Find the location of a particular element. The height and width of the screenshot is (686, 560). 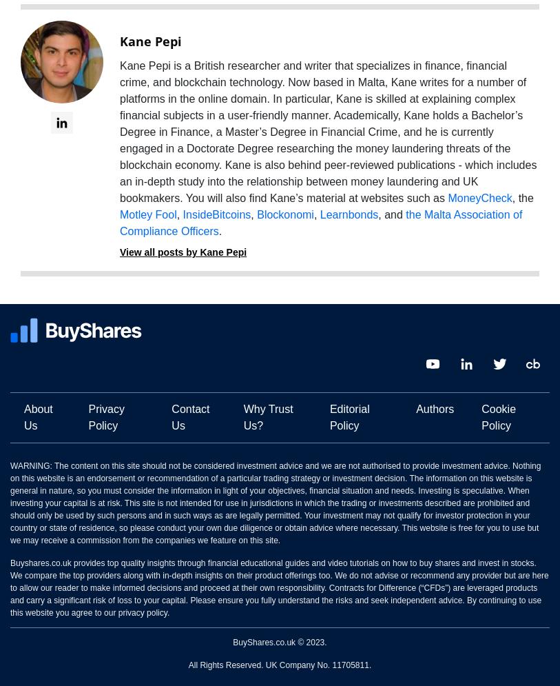

'Buyshares.co.uk provides top quality insights through financial educational guides and video tutorials on how to buy shares and invest in stocks. We compare the top providers along with in-depth insights on their product offerings too. We do not advise or recommend any provider but are here to allow our reader to make informed decisions and proceed at their own responsibility. Contracts for Difference (“CFDs”) are leveraged products and carry a significant risk of loss to your capital. Please ensure you fully understand the risks and seek independent advice. By continuing to use this website you agree to our privacy policy.' is located at coordinates (278, 588).